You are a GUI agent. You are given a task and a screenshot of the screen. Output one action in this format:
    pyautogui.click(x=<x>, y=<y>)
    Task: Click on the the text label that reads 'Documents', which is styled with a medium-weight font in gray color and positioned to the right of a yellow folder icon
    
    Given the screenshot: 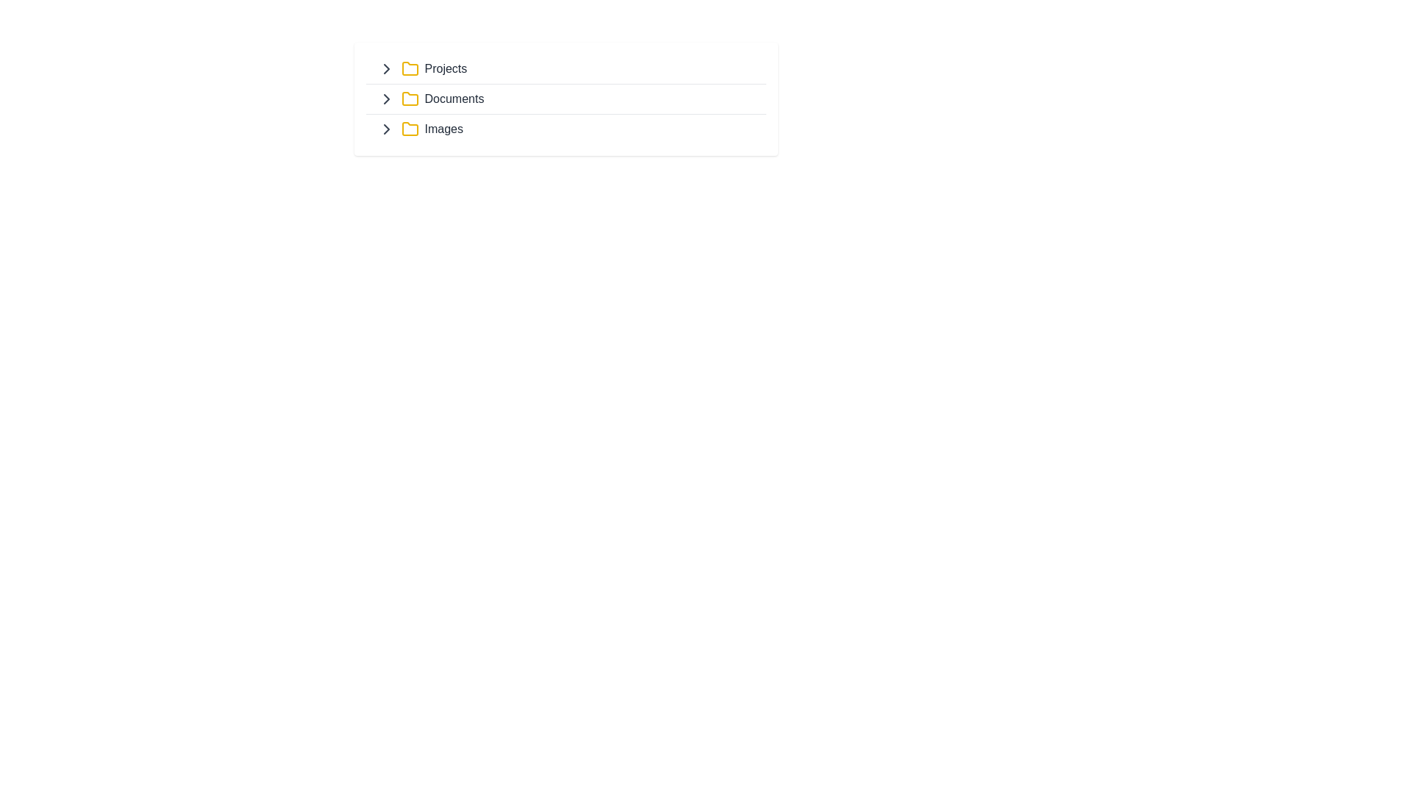 What is the action you would take?
    pyautogui.click(x=454, y=99)
    